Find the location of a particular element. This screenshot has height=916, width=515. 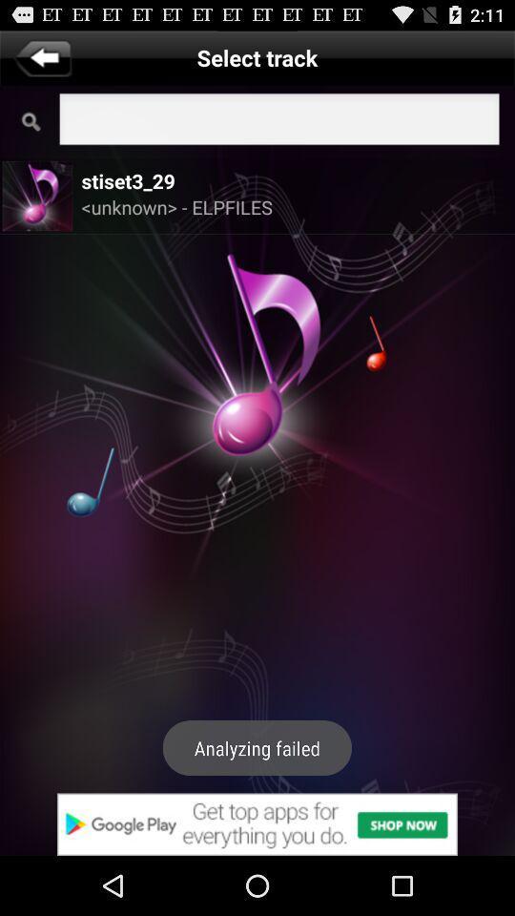

search terms is located at coordinates (278, 120).